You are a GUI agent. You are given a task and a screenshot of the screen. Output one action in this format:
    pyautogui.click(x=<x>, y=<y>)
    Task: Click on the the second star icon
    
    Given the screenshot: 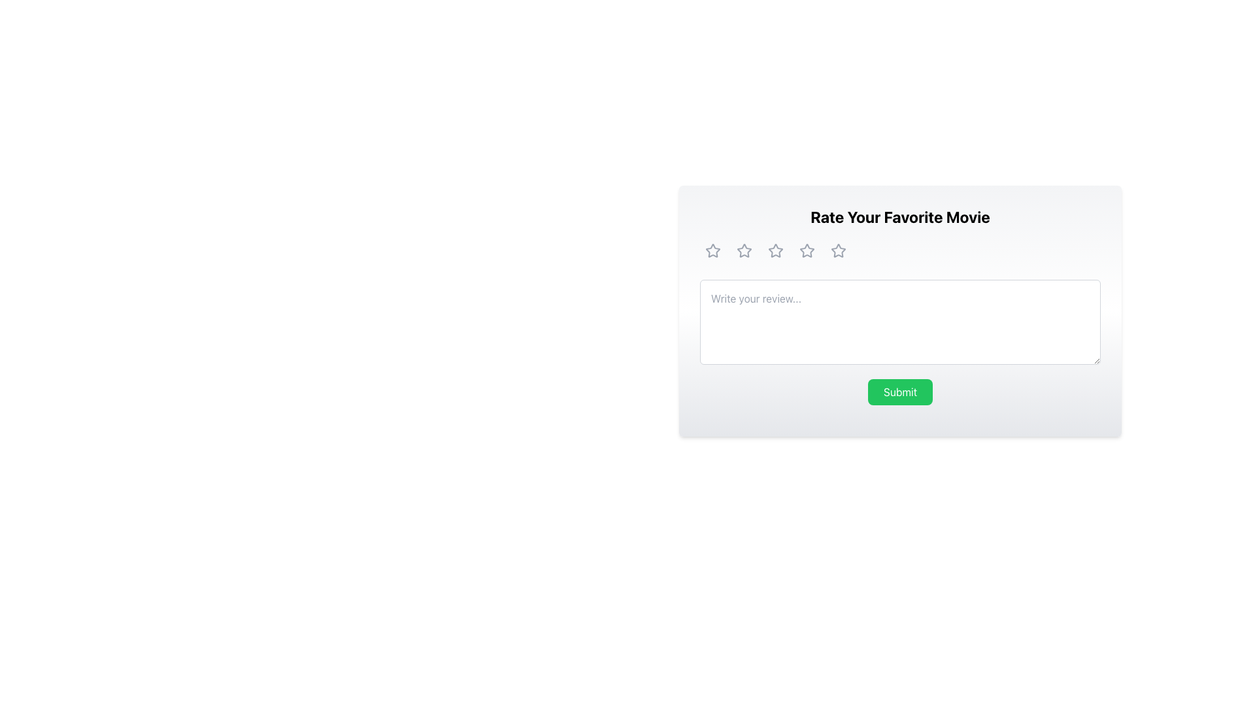 What is the action you would take?
    pyautogui.click(x=775, y=250)
    